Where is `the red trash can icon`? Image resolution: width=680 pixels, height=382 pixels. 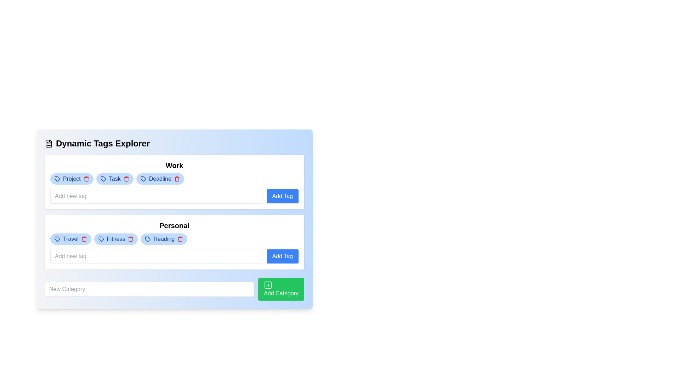
the red trash can icon is located at coordinates (126, 179).